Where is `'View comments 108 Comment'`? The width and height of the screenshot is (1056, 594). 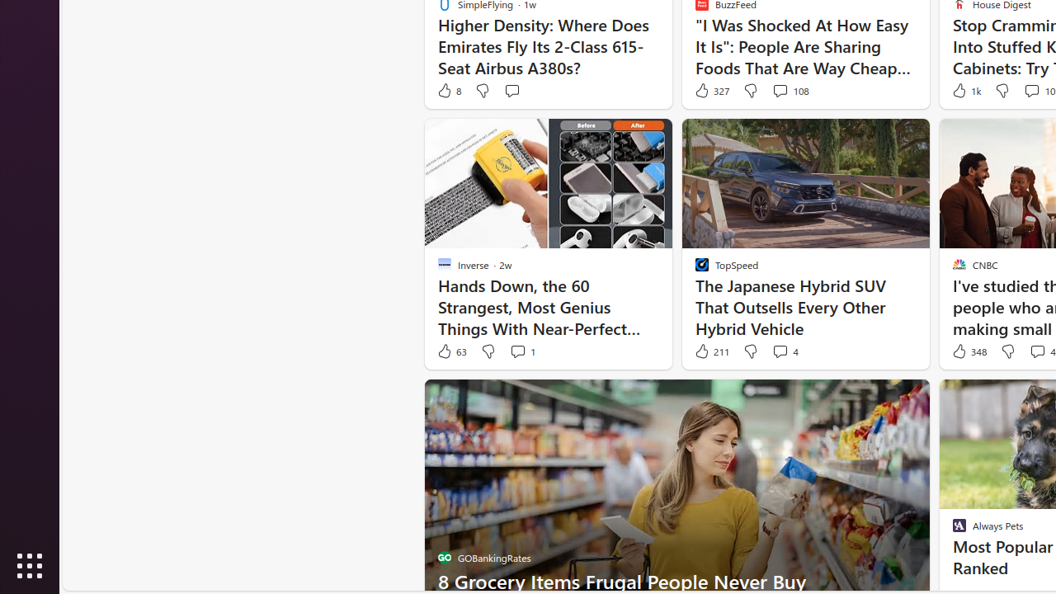
'View comments 108 Comment' is located at coordinates (779, 91).